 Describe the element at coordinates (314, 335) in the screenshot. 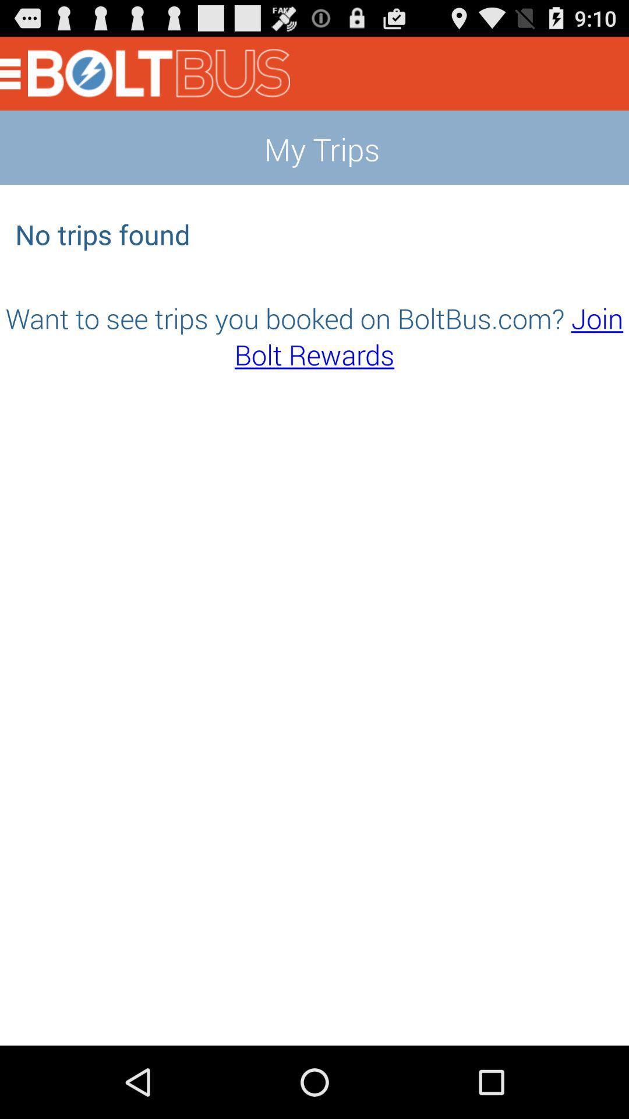

I see `the want to see item` at that location.